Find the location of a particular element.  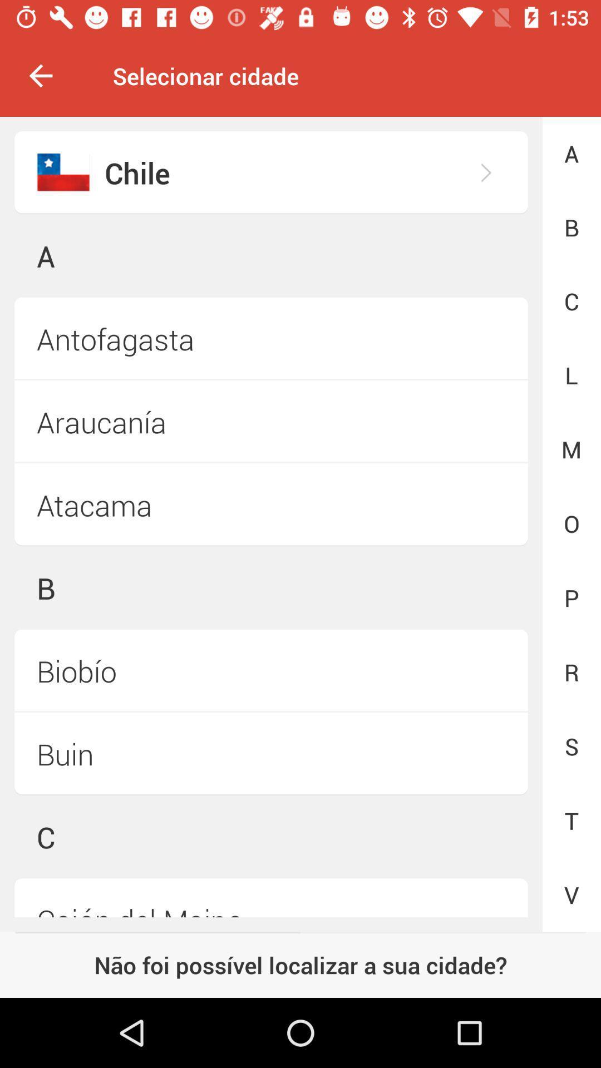

the icon to the left of v app is located at coordinates (271, 898).